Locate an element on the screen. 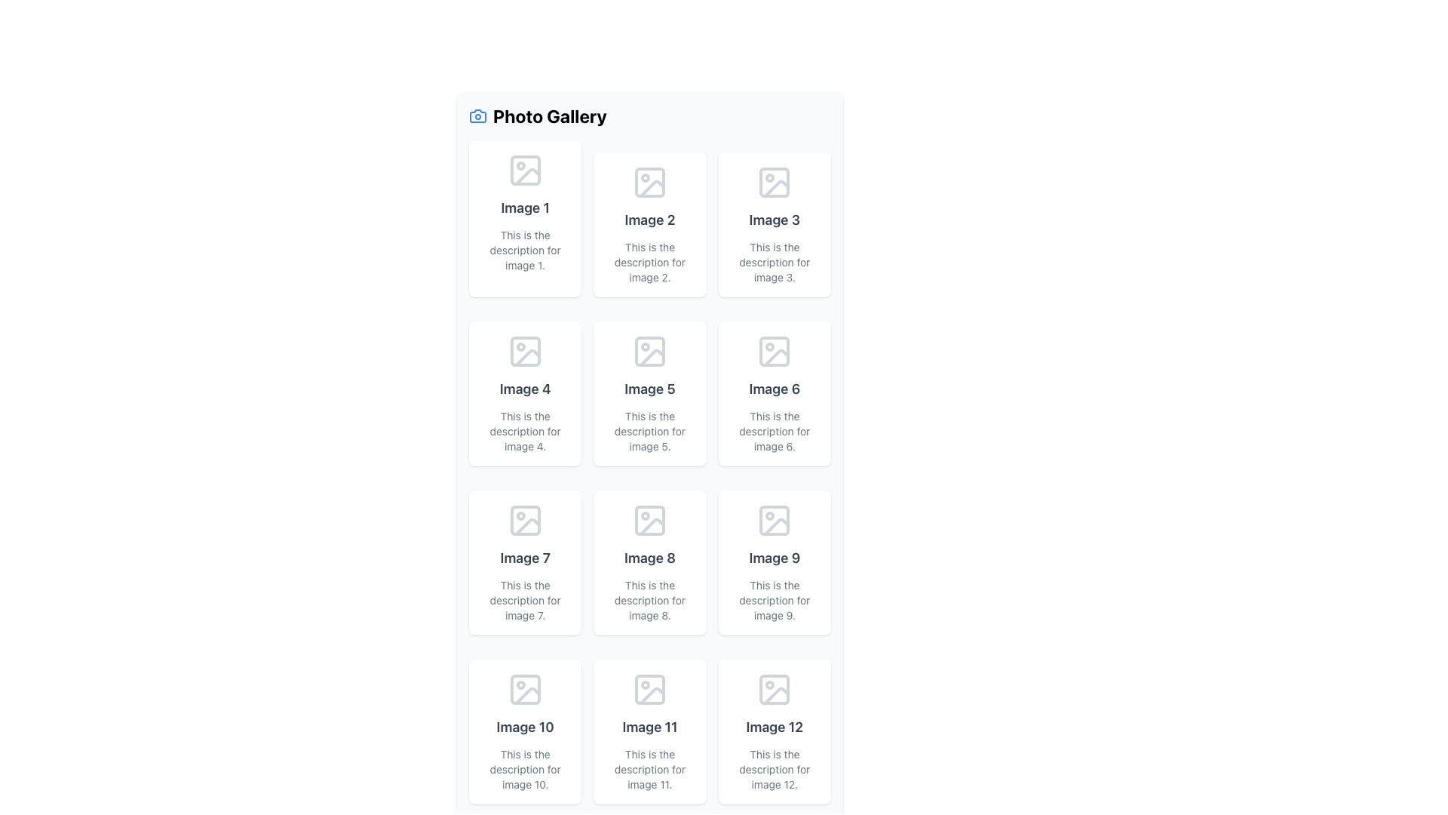  the icon resembling an image placeholder, which is styled with a light gray color and is located above the 'Image 1' label in the card layout is located at coordinates (525, 170).